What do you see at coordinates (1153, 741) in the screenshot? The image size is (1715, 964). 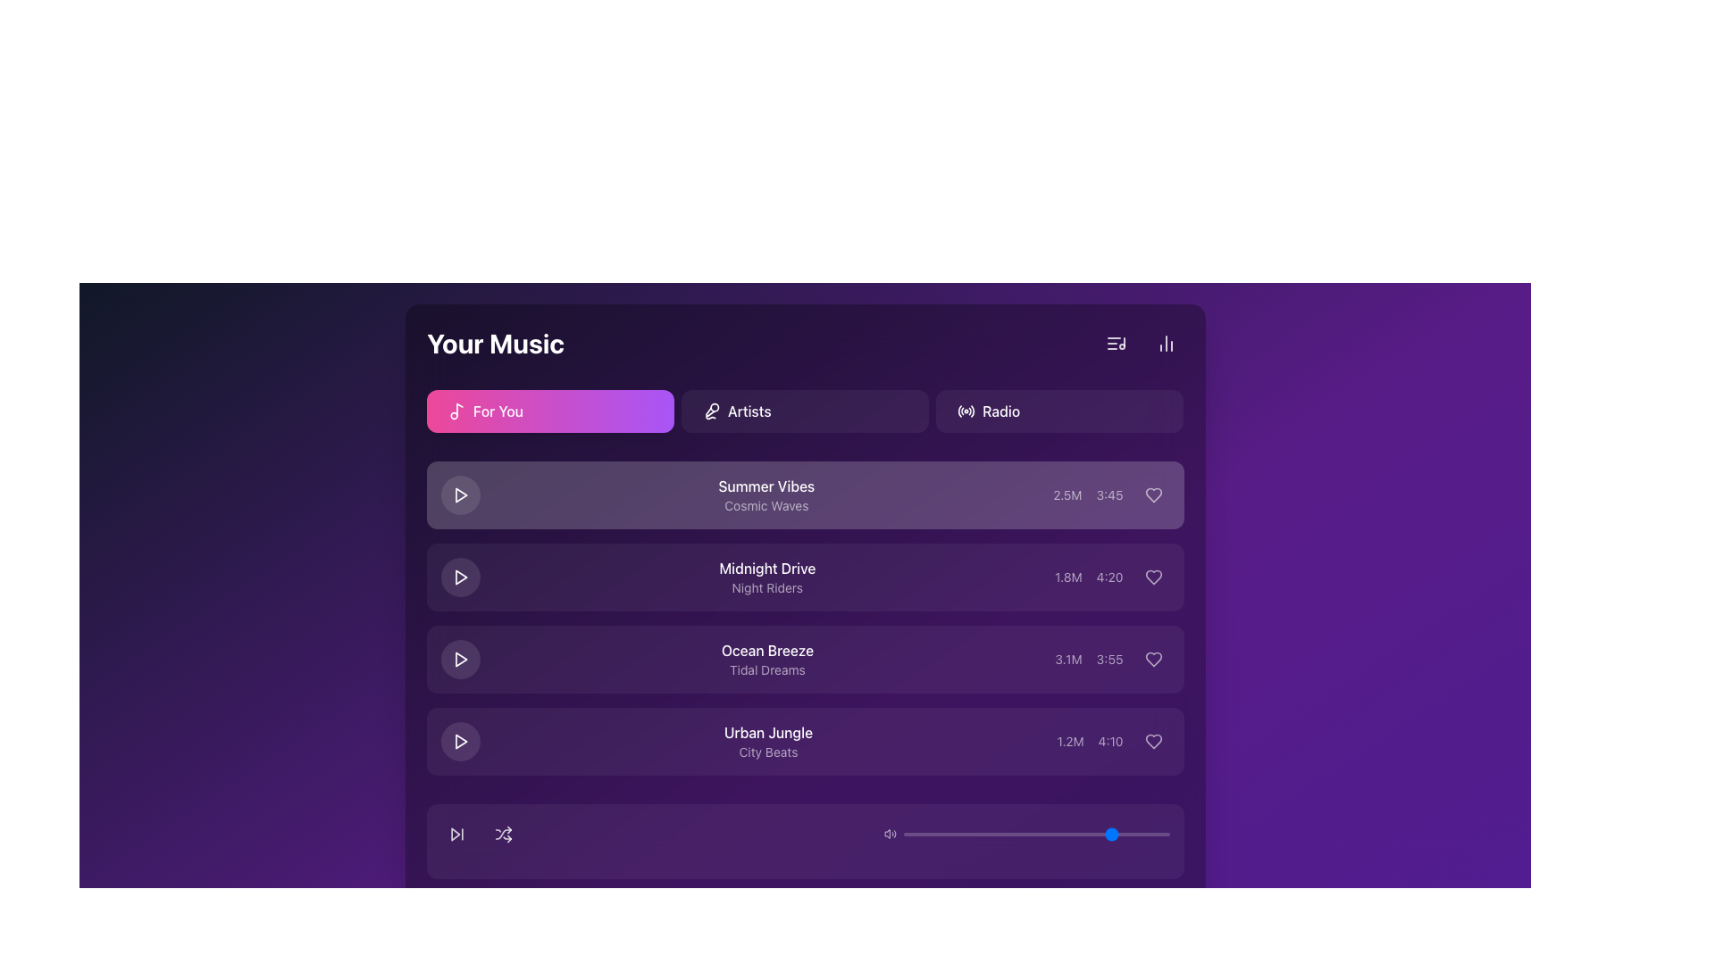 I see `the heart-shaped button outlined in white with a semi-transparent hover effect, located to the far right of the data entries '1.2M' and '4:10' related to the song 'Urban Jungle'` at bounding box center [1153, 741].